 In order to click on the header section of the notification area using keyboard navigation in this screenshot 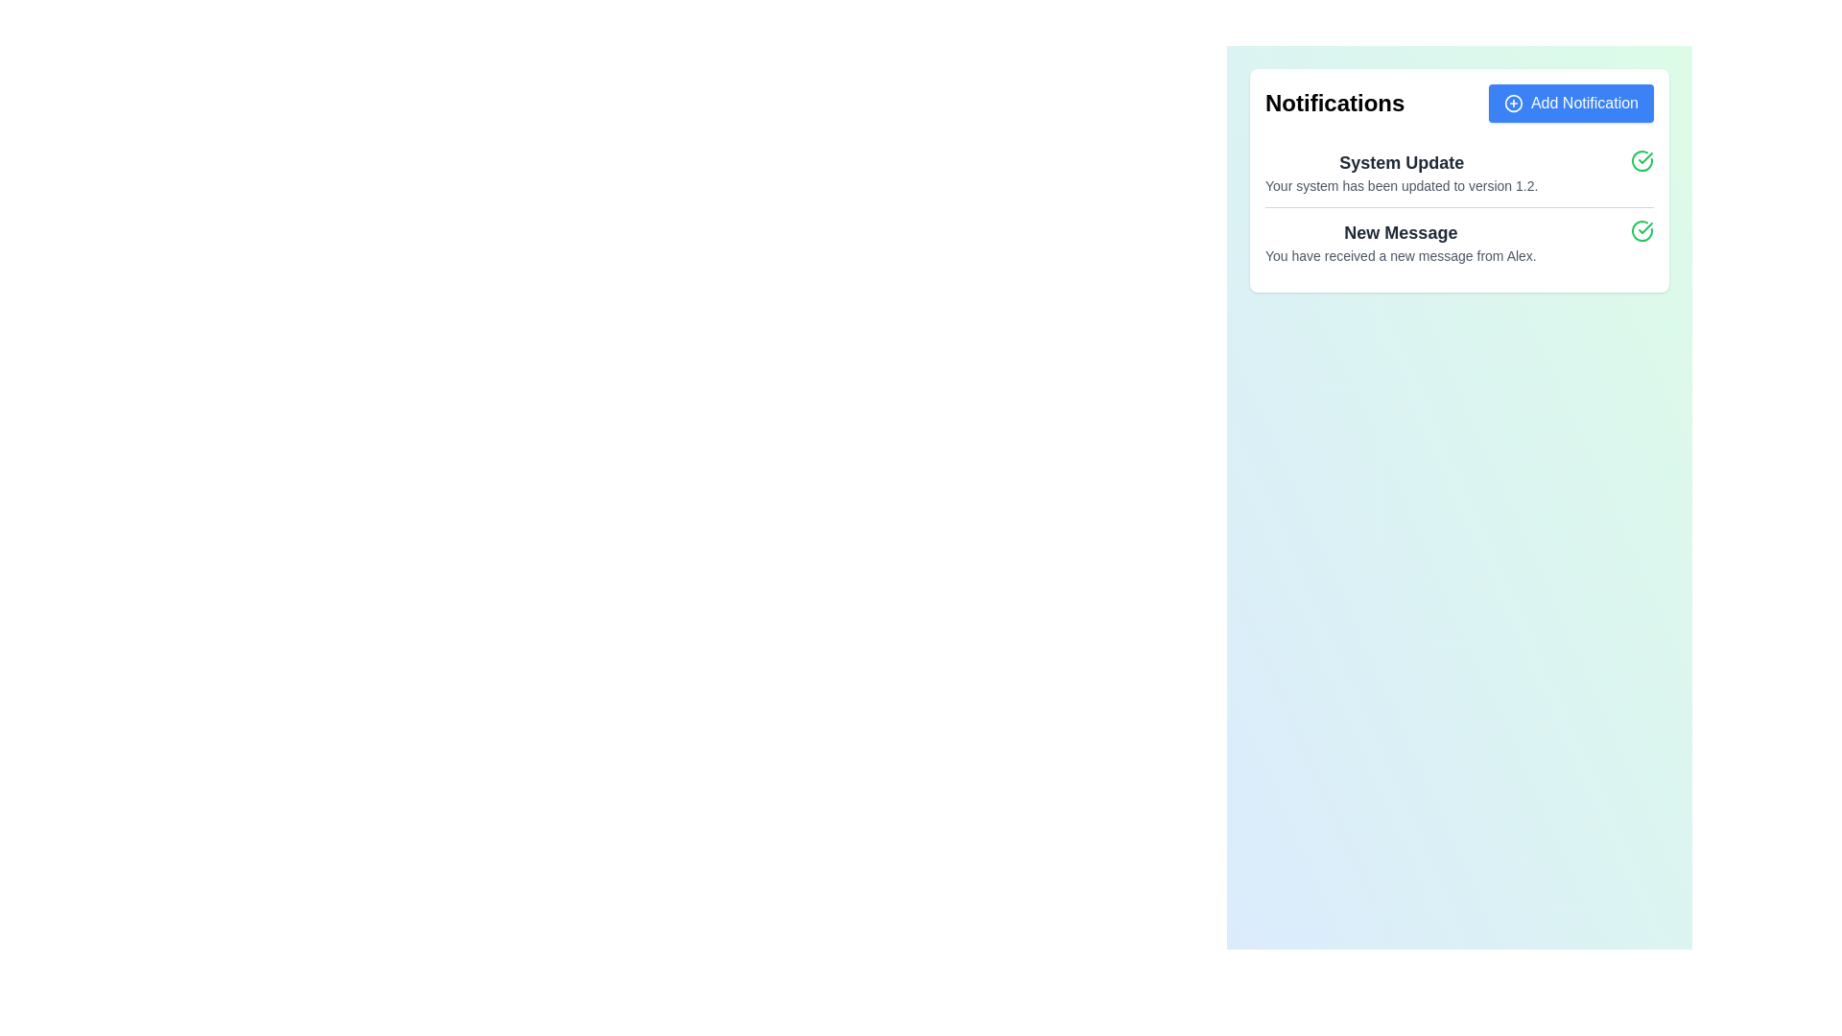, I will do `click(1458, 104)`.